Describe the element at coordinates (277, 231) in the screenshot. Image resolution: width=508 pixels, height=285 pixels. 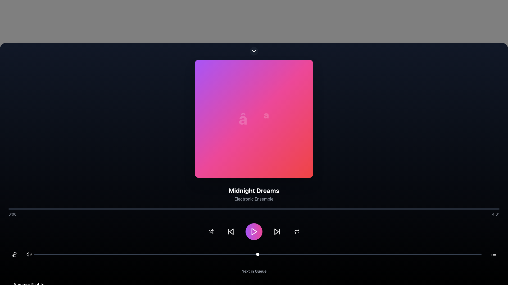
I see `the skip-forward icon button located in the lower section of the interface to skip to the next track` at that location.